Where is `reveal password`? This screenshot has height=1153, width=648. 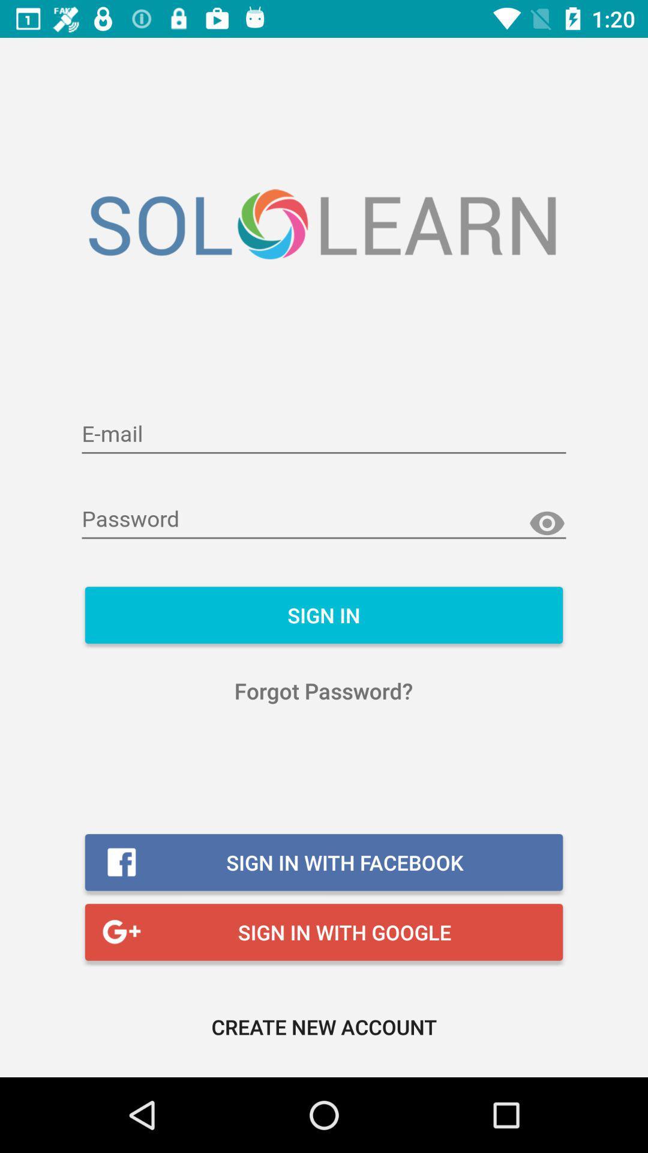
reveal password is located at coordinates (547, 524).